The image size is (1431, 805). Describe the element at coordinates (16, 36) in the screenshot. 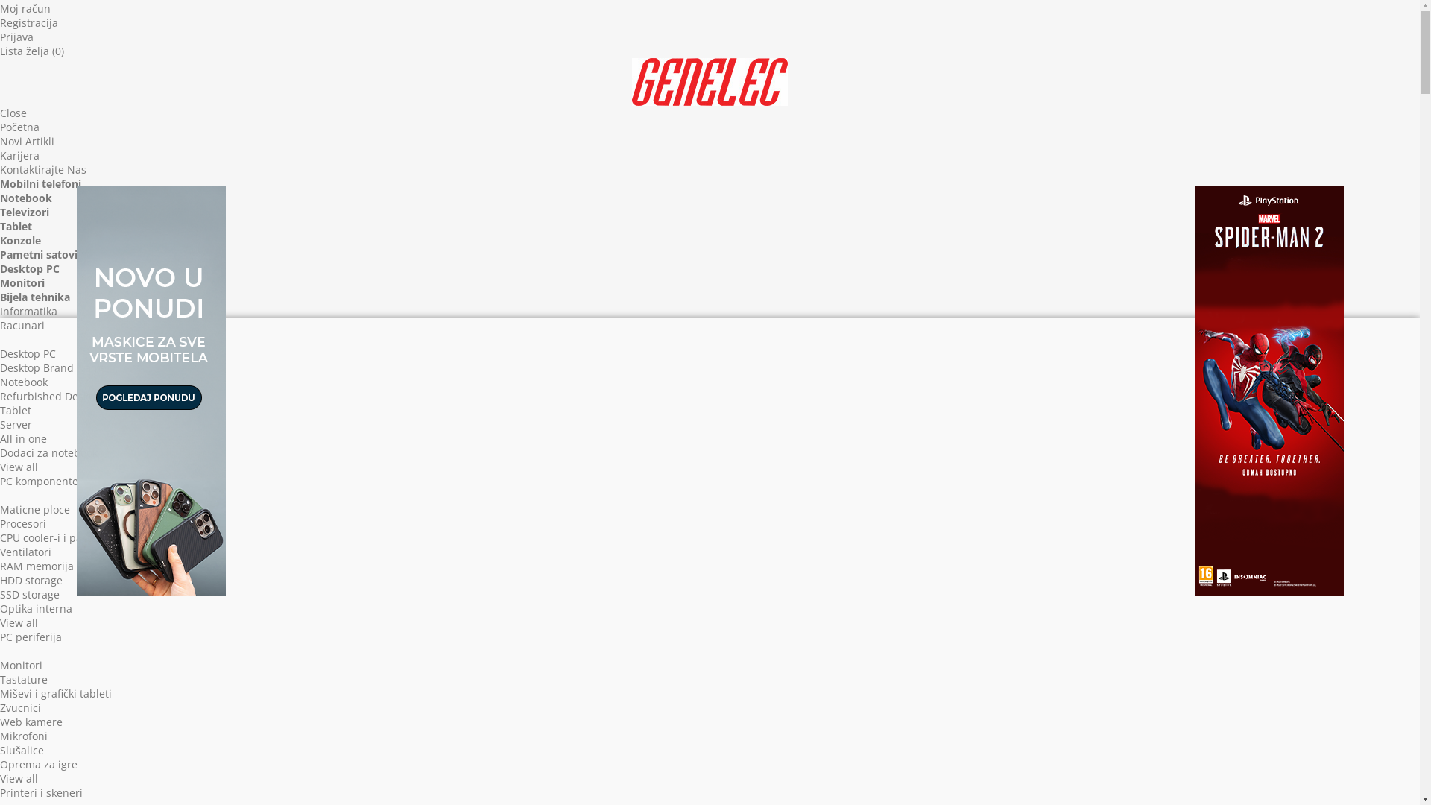

I see `'Prijava'` at that location.